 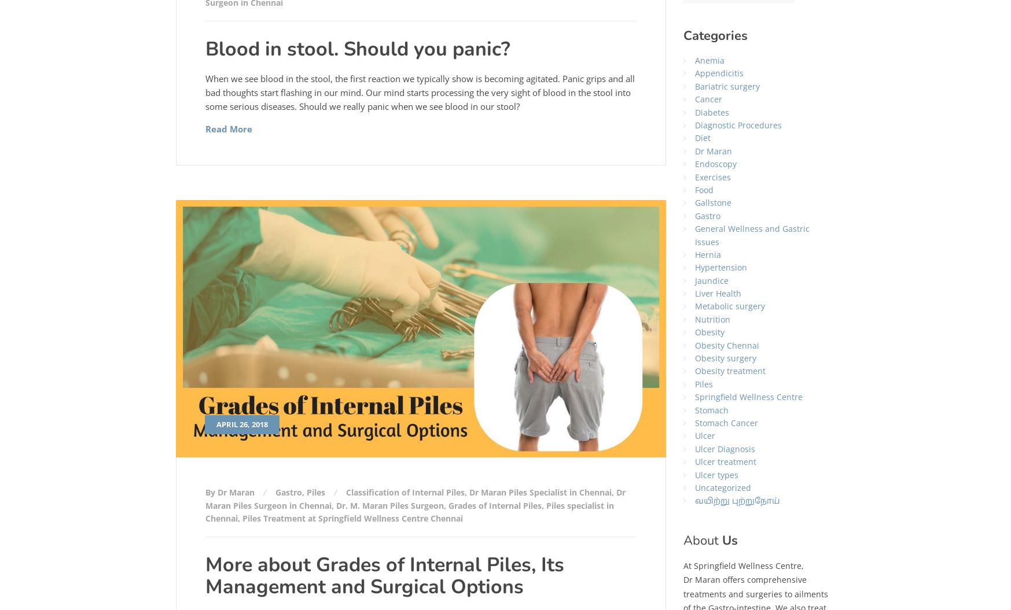 What do you see at coordinates (703, 539) in the screenshot?
I see `'About'` at bounding box center [703, 539].